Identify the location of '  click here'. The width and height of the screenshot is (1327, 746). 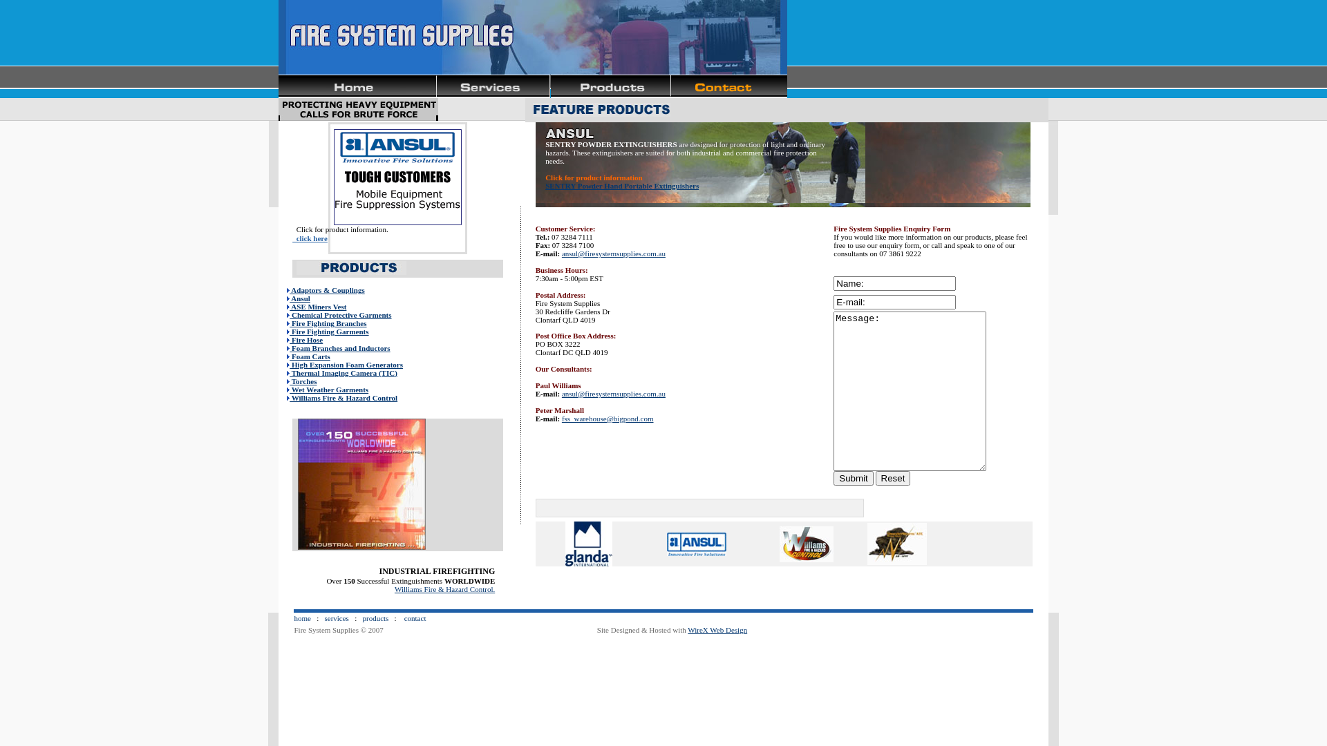
(309, 237).